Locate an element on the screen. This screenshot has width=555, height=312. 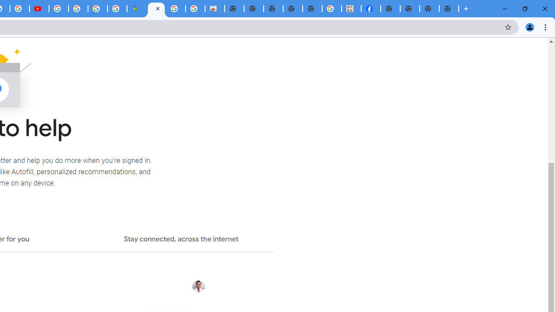
'Google Maps' is located at coordinates (136, 9).